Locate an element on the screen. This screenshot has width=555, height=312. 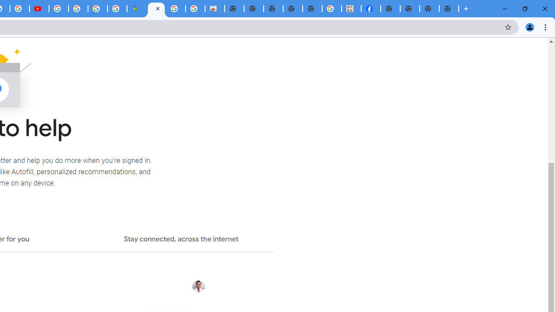
'Google Maps' is located at coordinates (136, 9).